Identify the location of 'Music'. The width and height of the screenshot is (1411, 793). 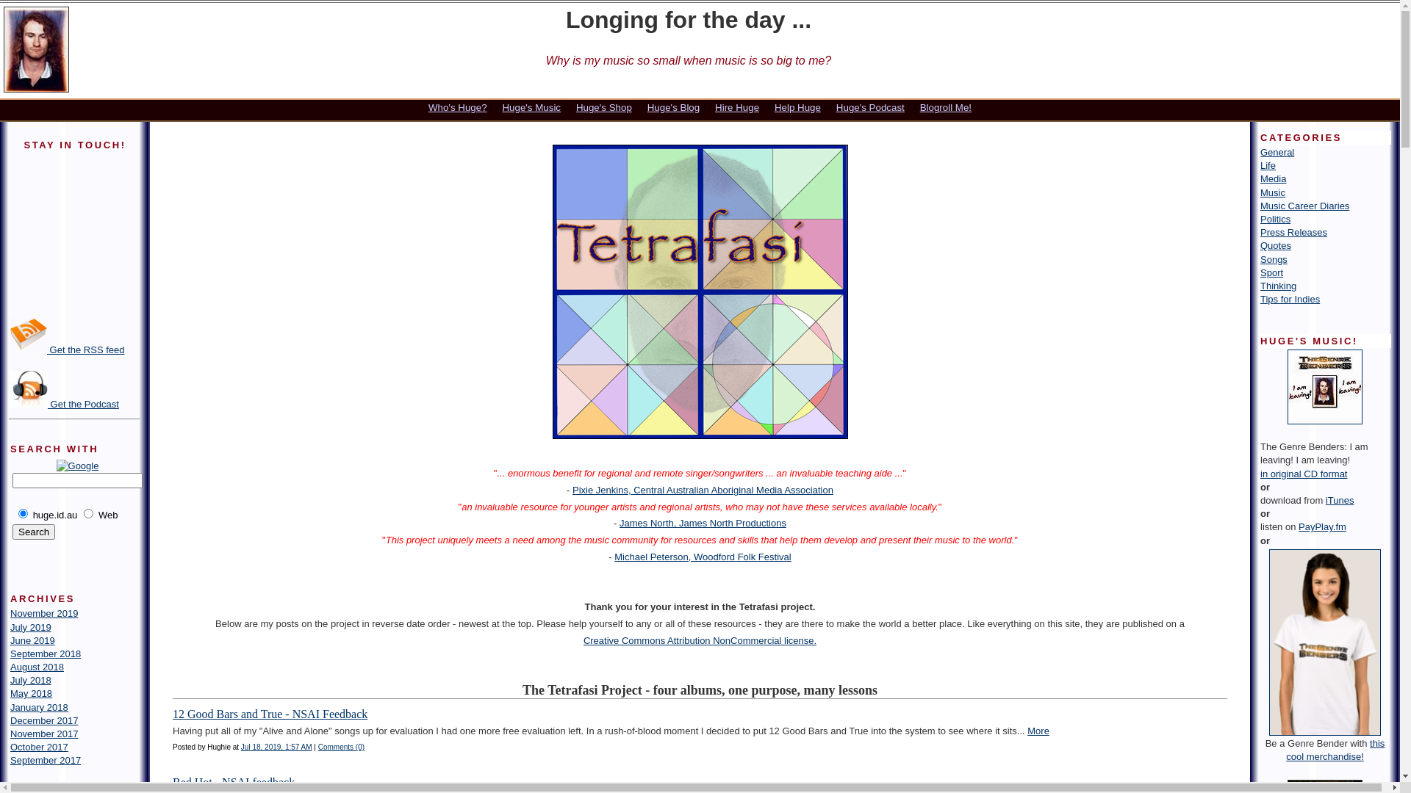
(1272, 192).